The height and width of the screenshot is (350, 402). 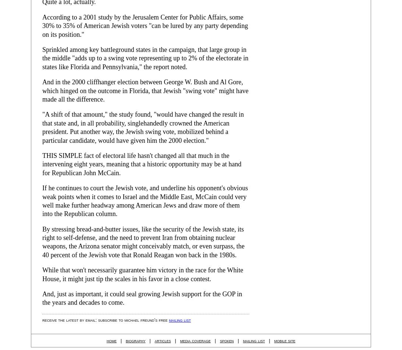 What do you see at coordinates (145, 200) in the screenshot?
I see `'If he continues to court the Jewish vote, and underline his opponent's obvious weak points when it comes to Israel and the Middle East, McCain could very well make further headway among American Jews and draw more of them into the Republican column.'` at bounding box center [145, 200].